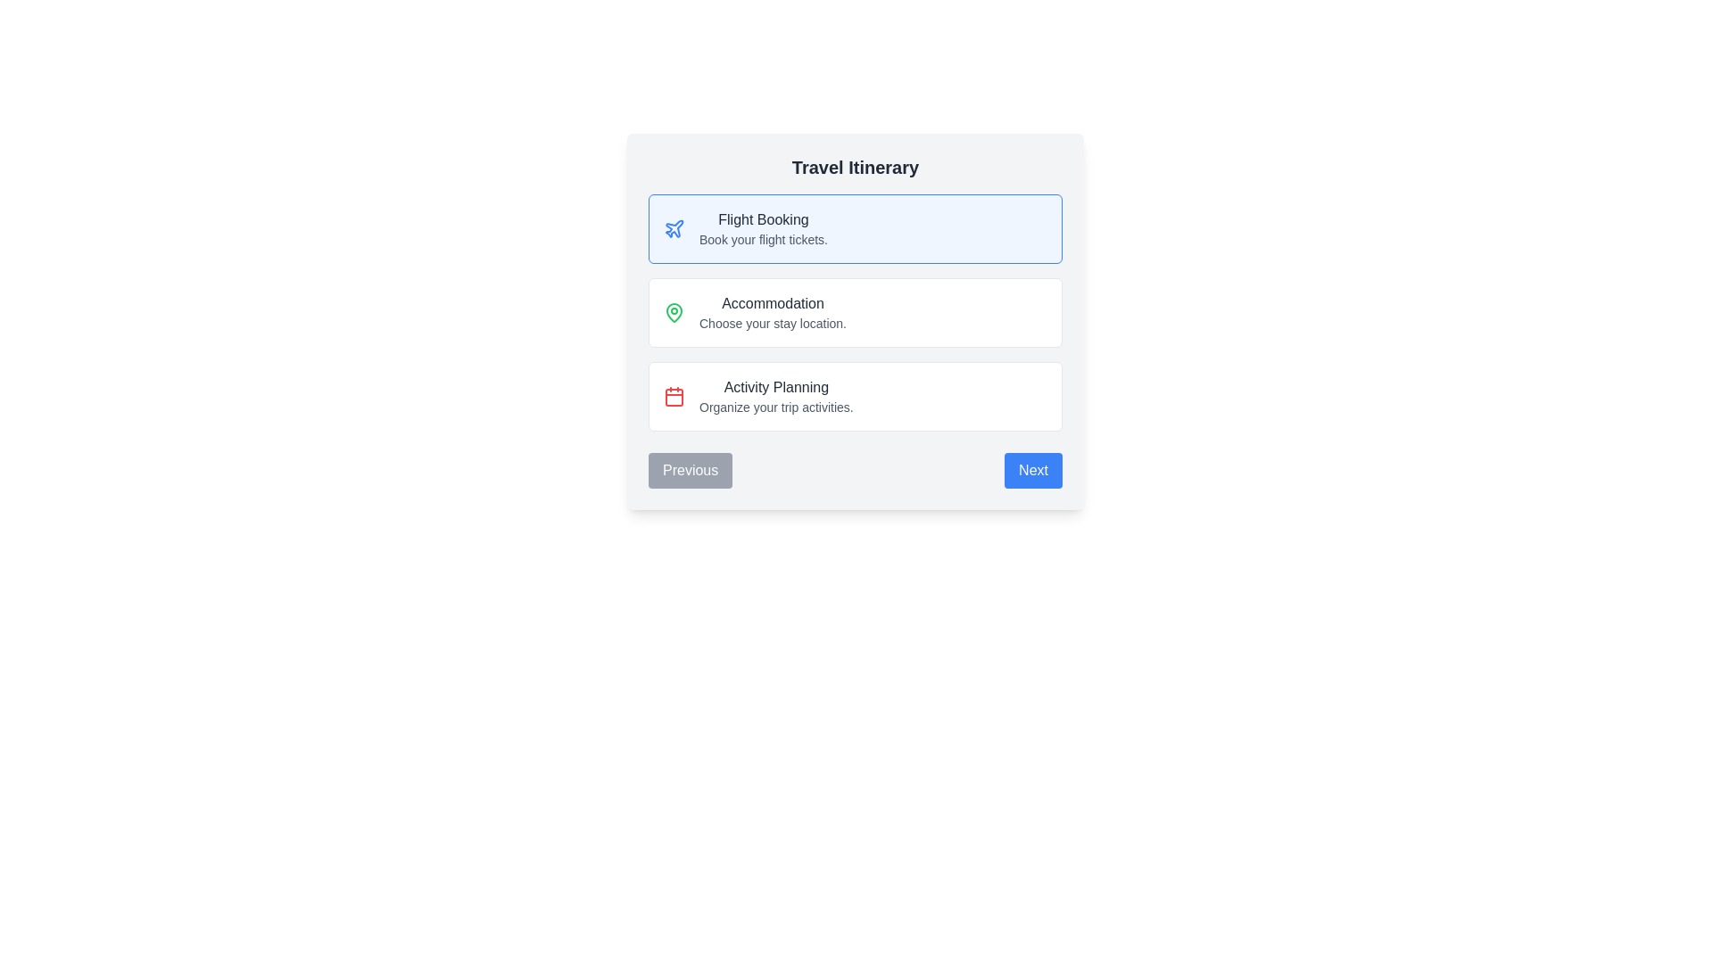 Image resolution: width=1713 pixels, height=963 pixels. I want to click on the 'Activity Planning' heading text, which is styled with medium font weight and dark gray color, located in the third section of the interface above the subtext 'Organize your trip activities', so click(776, 387).